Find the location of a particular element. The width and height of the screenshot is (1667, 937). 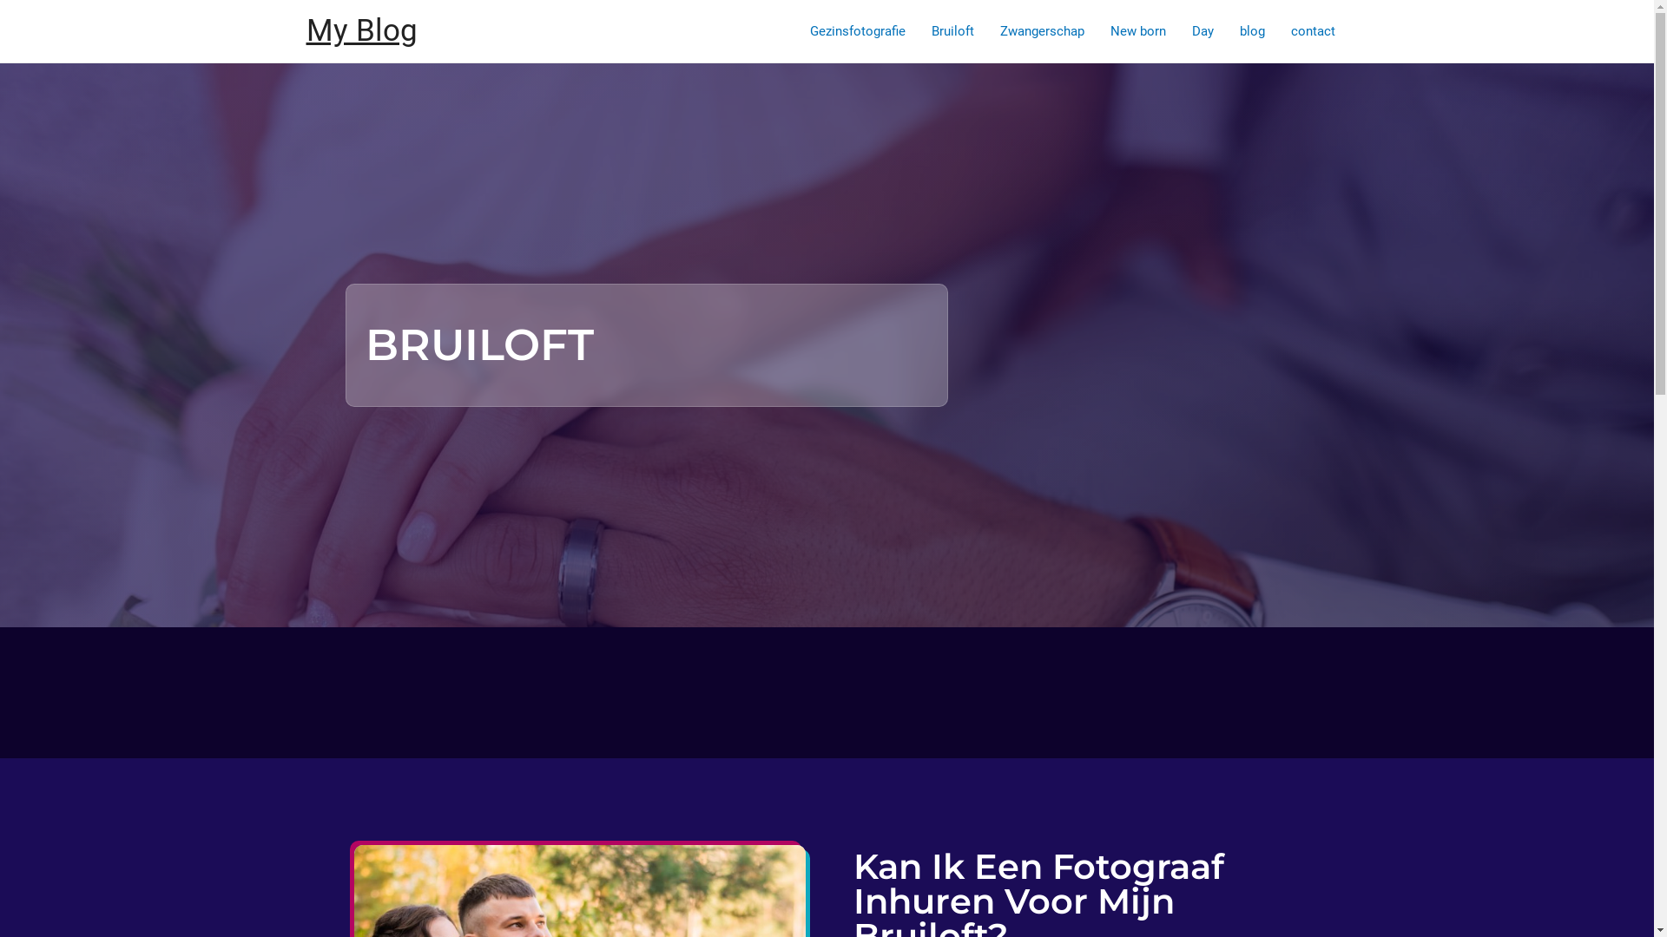

'New born' is located at coordinates (1137, 30).